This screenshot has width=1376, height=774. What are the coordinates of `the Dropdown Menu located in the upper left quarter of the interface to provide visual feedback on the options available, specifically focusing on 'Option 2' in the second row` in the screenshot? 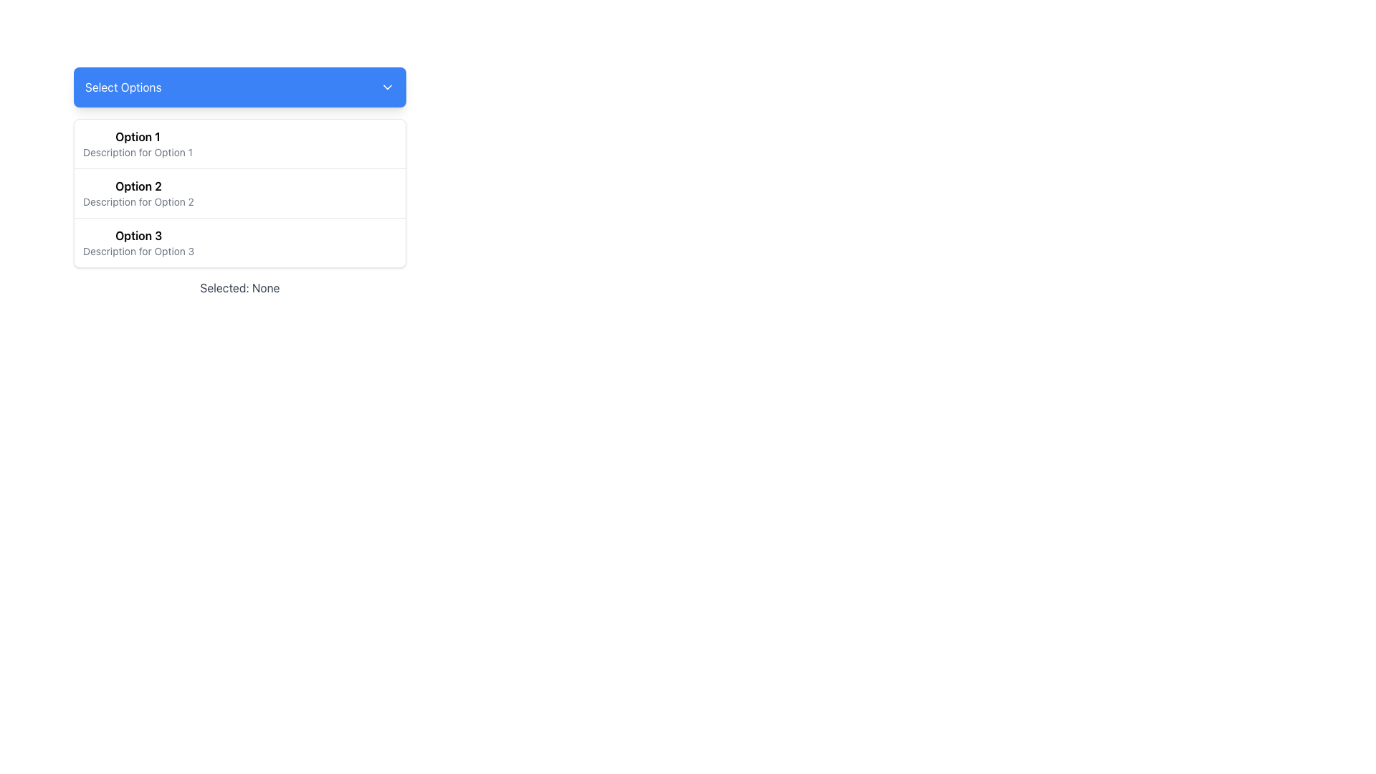 It's located at (240, 181).